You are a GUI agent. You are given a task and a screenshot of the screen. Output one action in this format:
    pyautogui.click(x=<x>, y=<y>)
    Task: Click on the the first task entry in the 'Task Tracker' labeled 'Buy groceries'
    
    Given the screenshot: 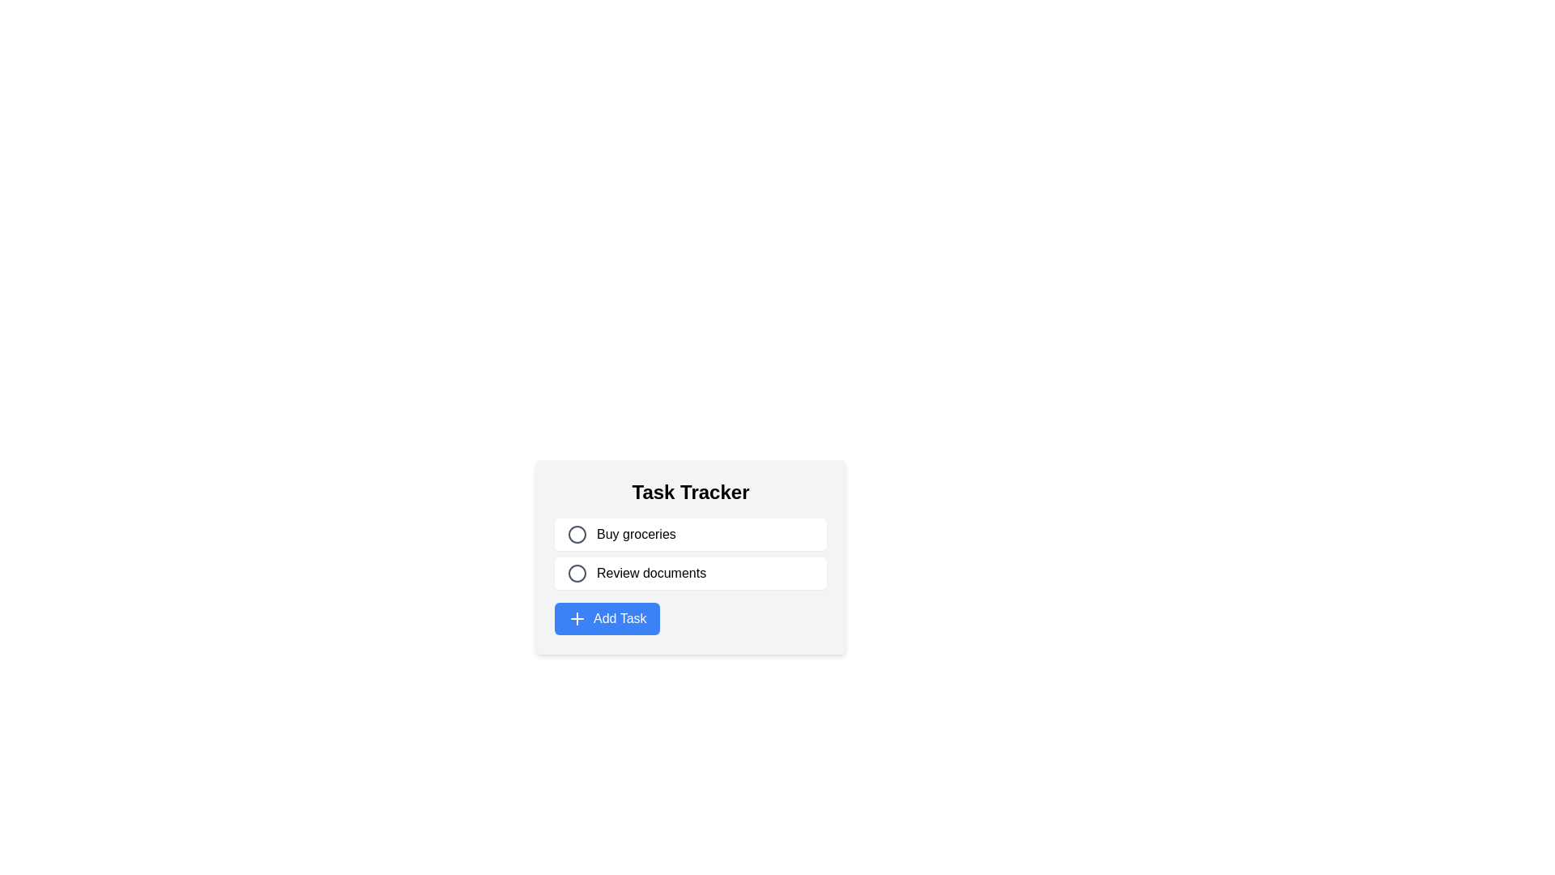 What is the action you would take?
    pyautogui.click(x=691, y=534)
    